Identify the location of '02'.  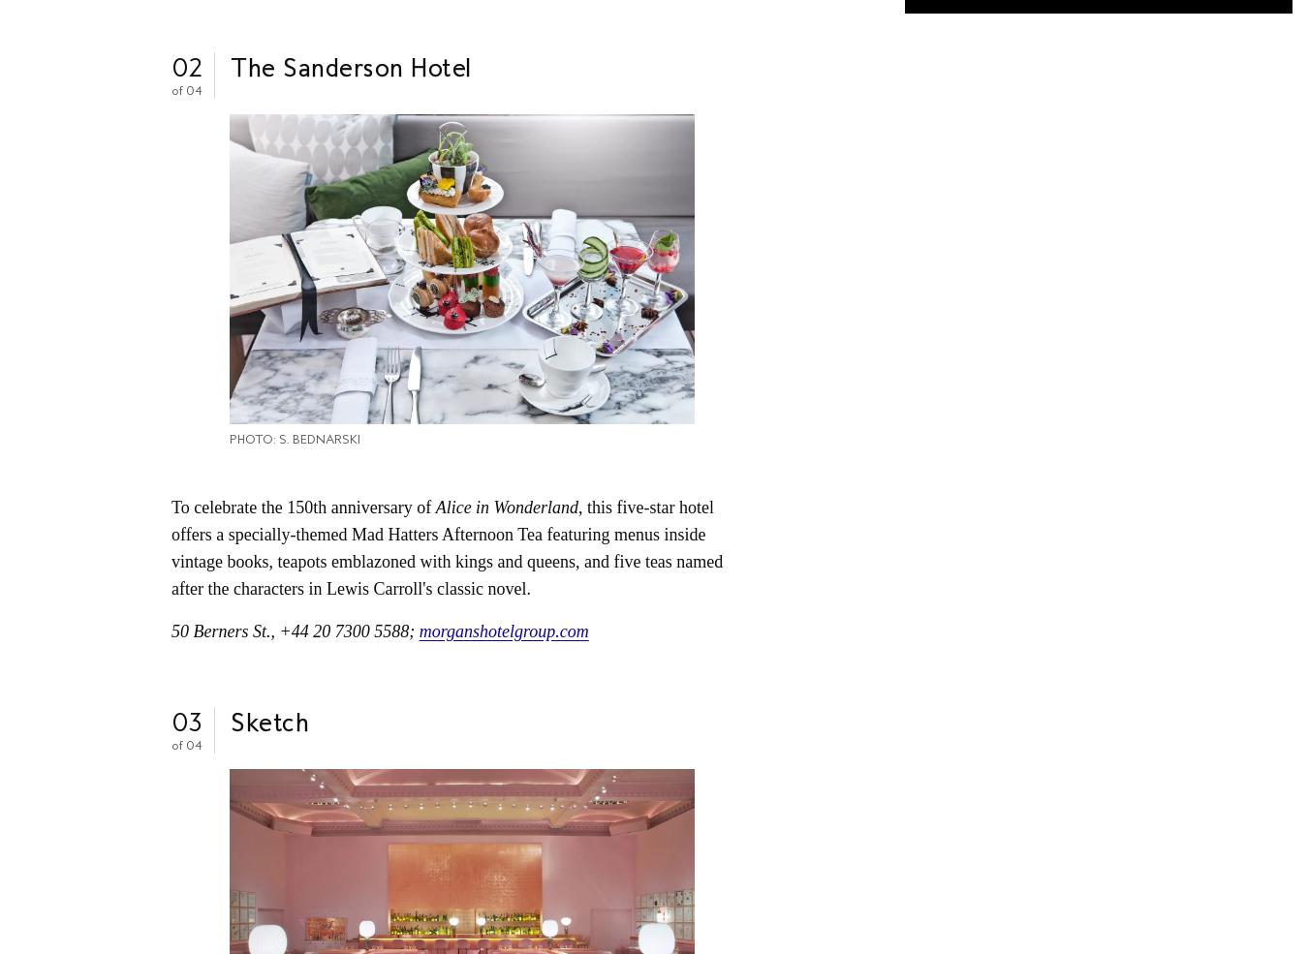
(187, 66).